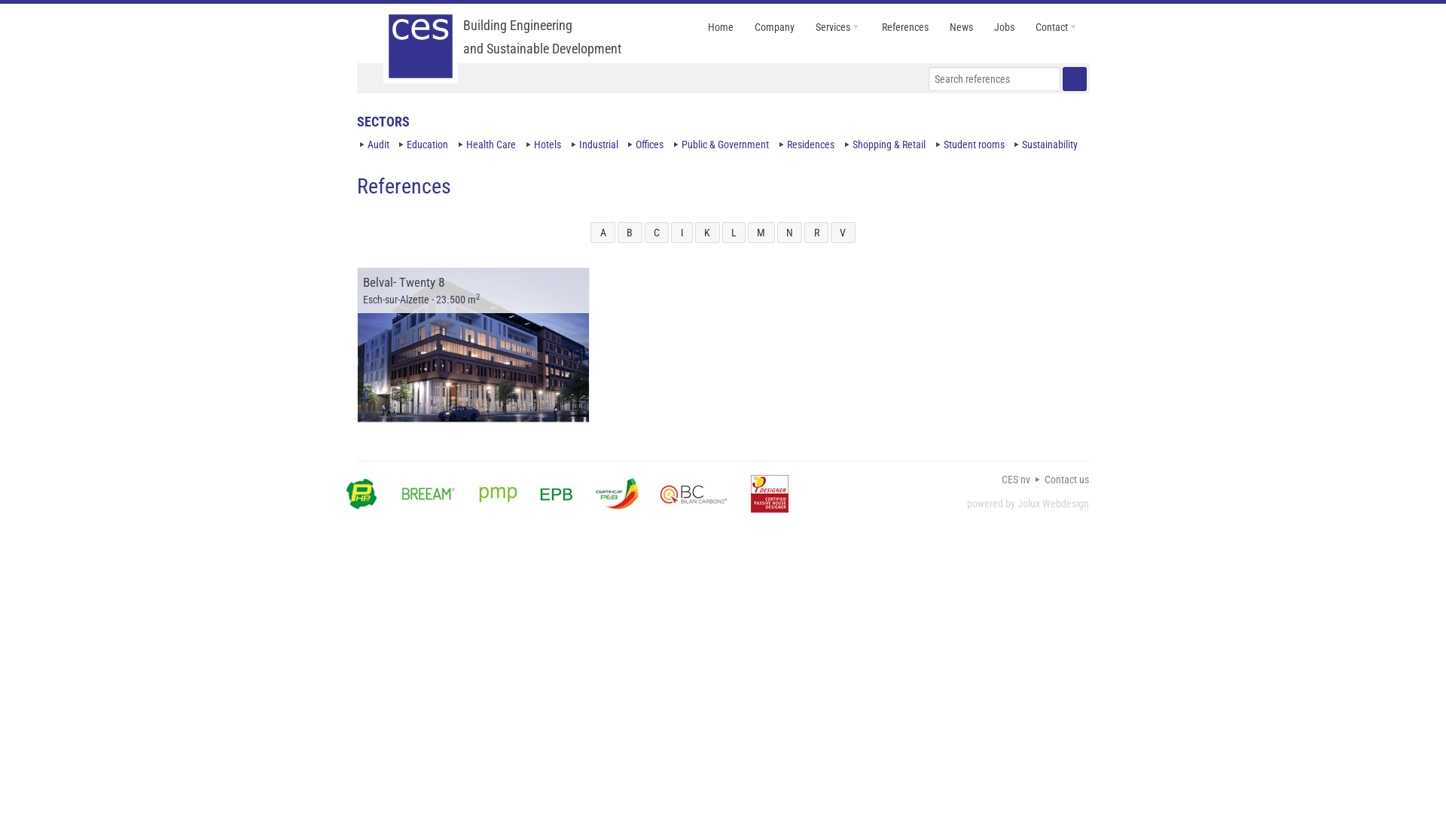 The width and height of the screenshot is (1446, 813). I want to click on 'R', so click(804, 233).